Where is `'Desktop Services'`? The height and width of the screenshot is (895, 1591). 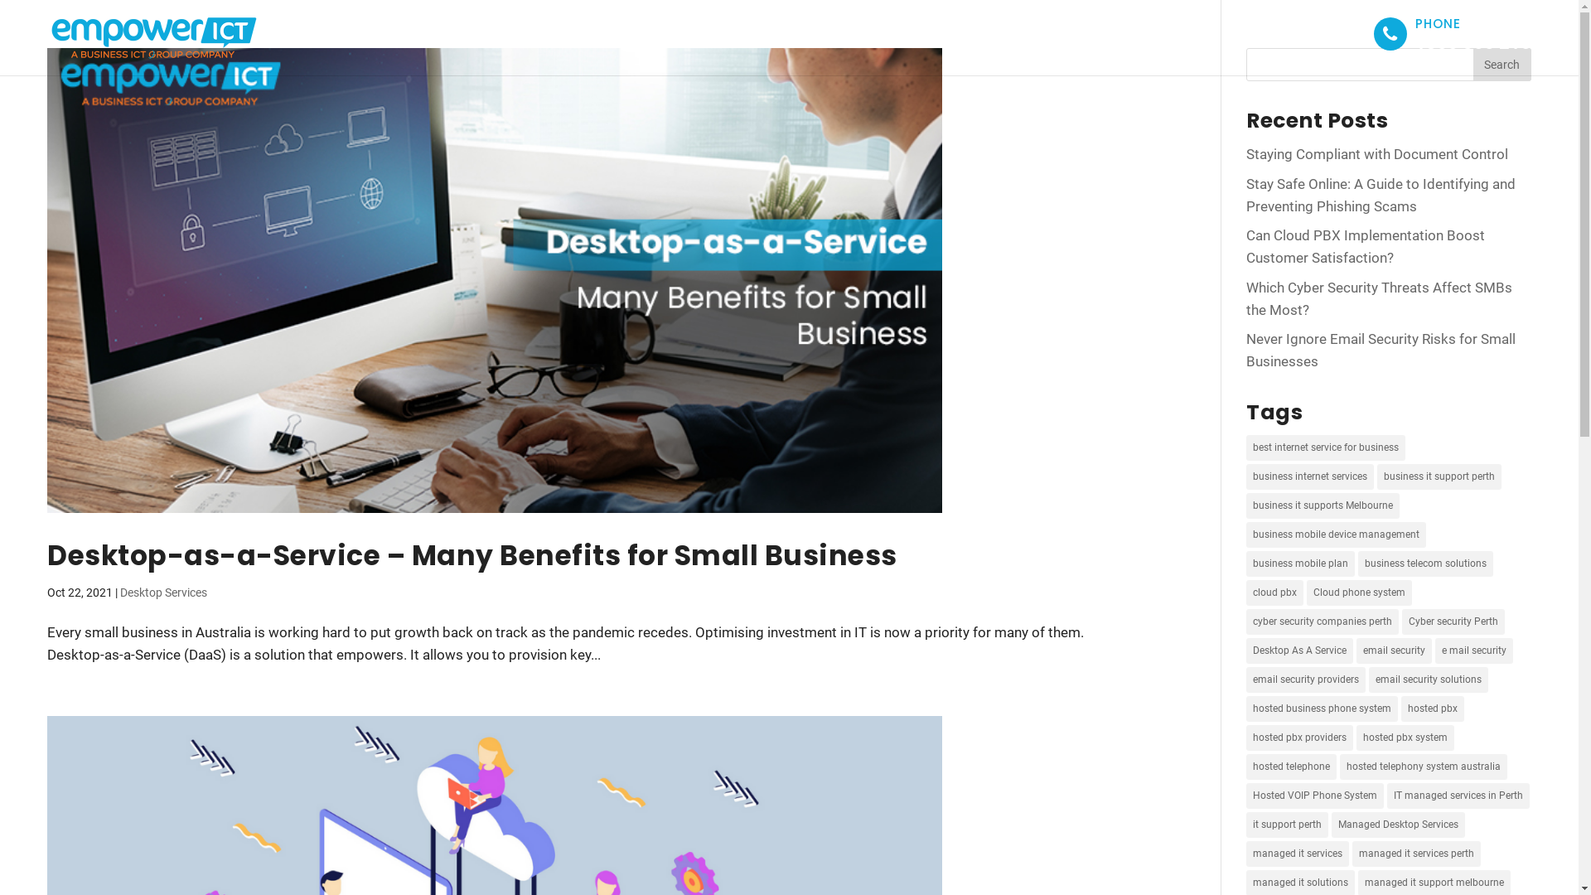 'Desktop Services' is located at coordinates (163, 591).